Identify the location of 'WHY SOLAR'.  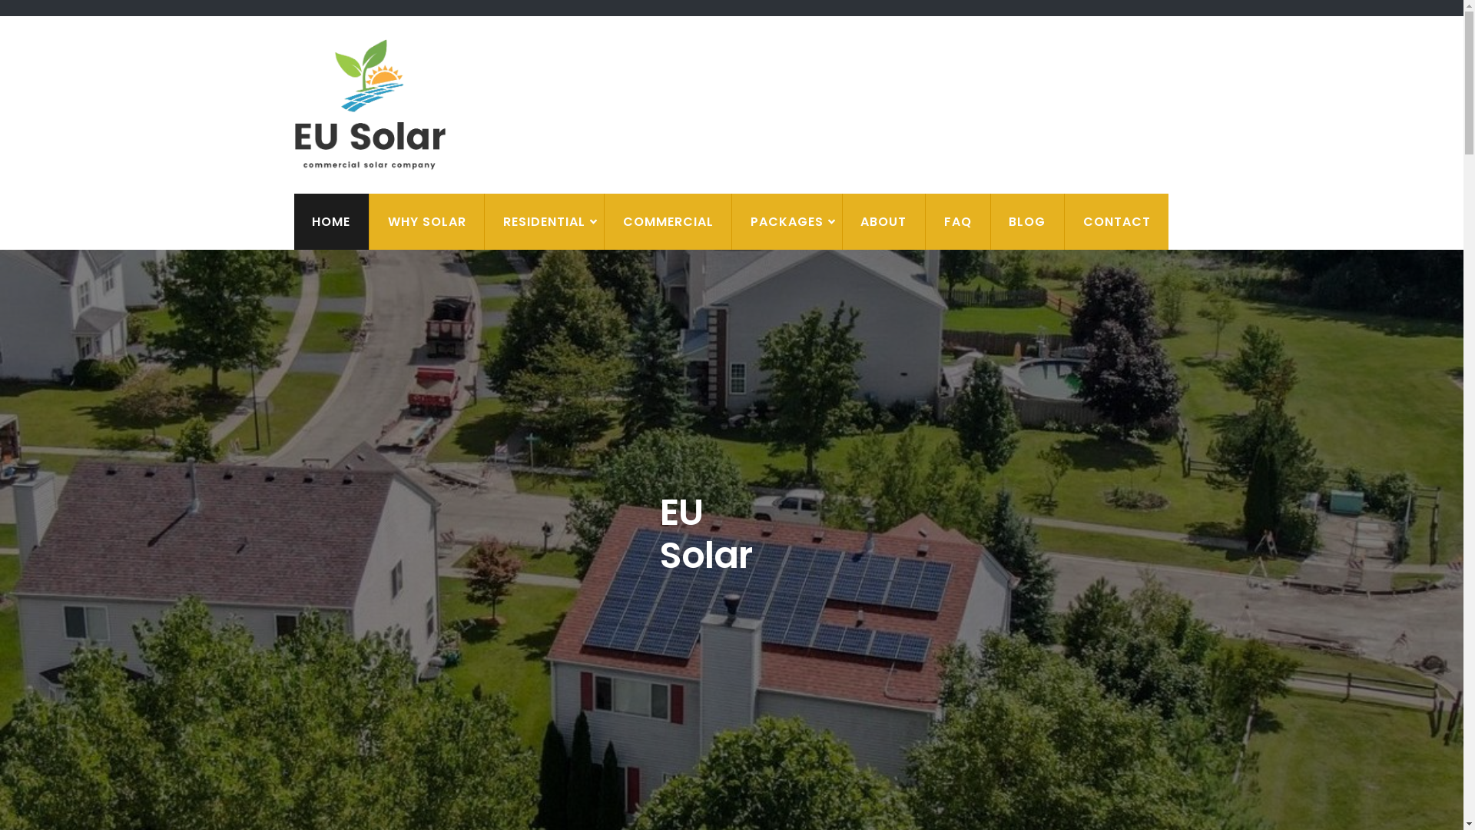
(426, 221).